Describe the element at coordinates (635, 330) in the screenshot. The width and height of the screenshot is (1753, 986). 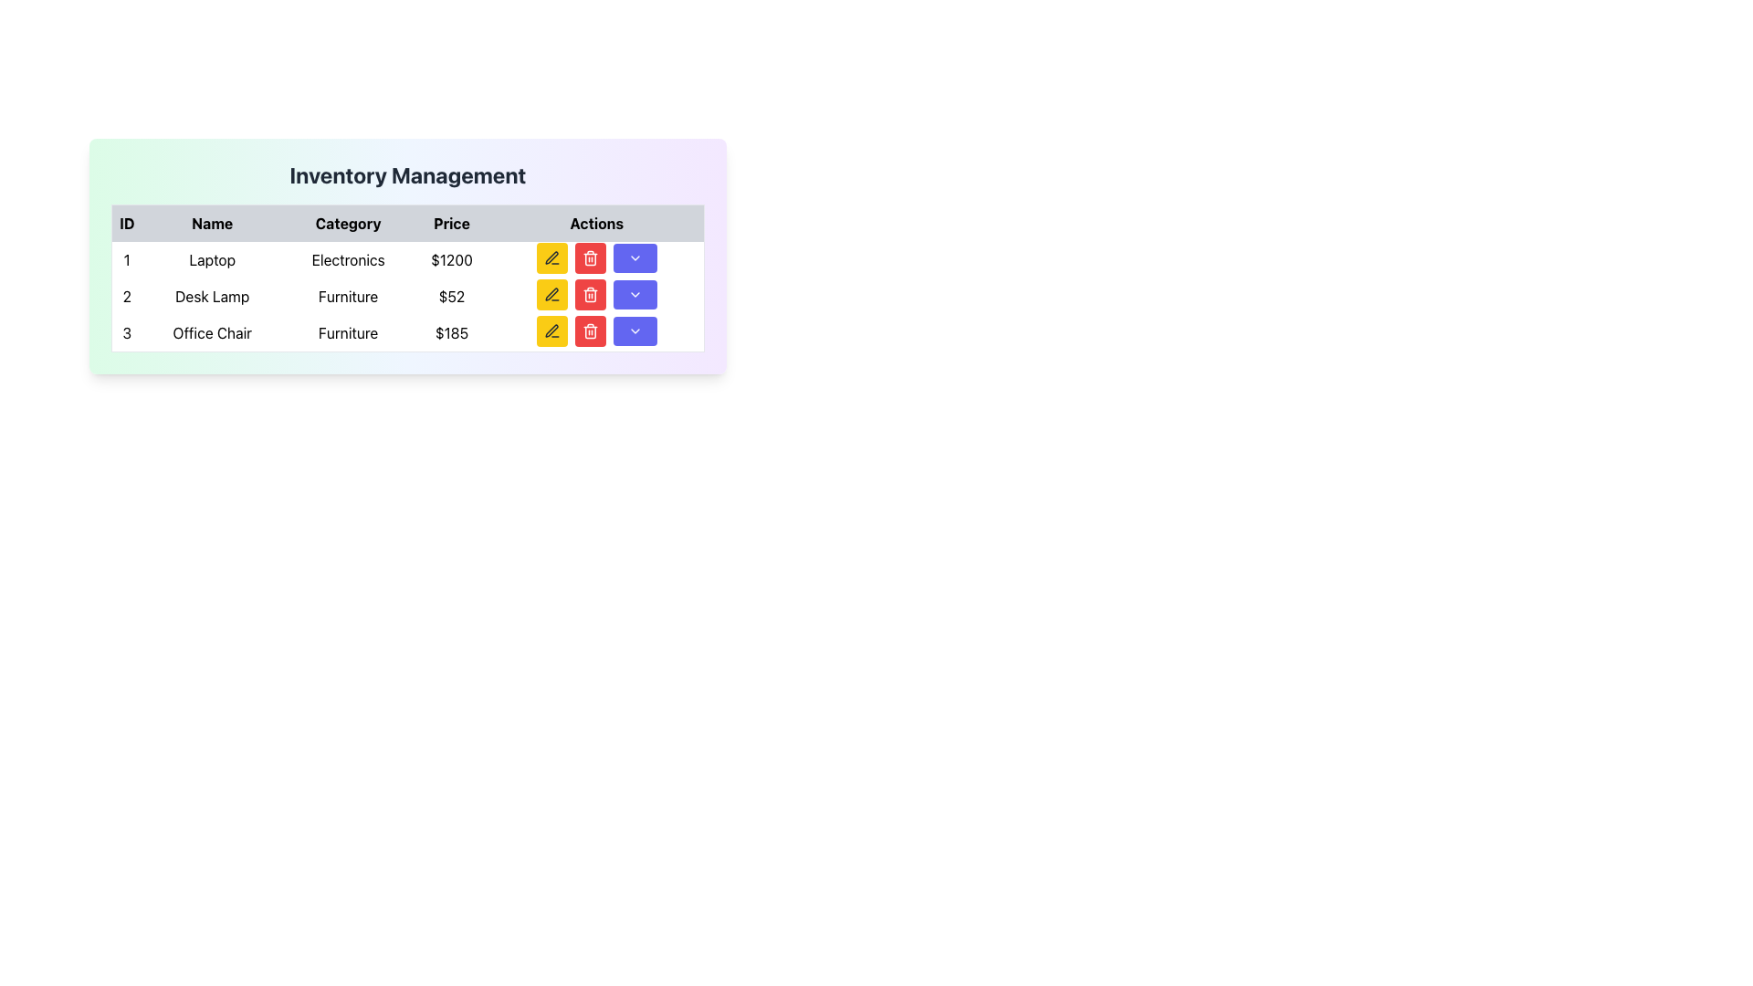
I see `the rectangular blue button with rounded corners and a downward-pointing chevron icon` at that location.